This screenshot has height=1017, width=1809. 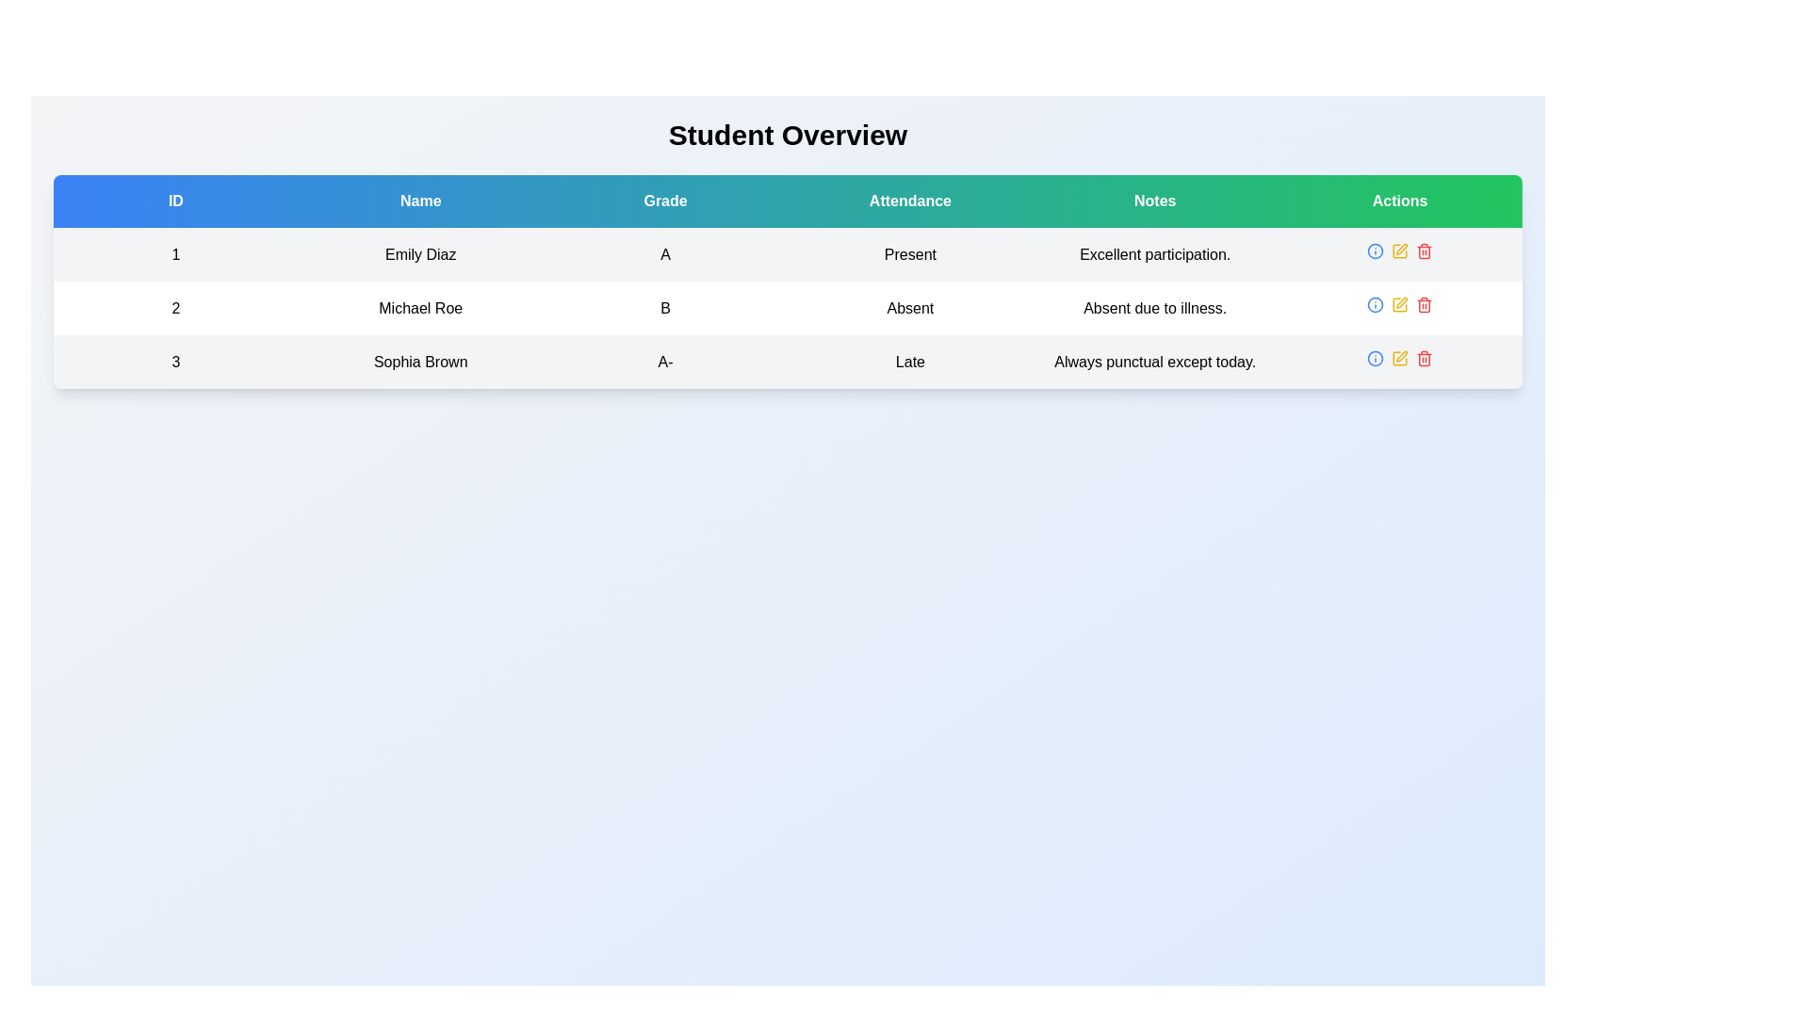 I want to click on the yellow icon button with a pen symbol located in the 'Actions' column for 'Emily Diaz', so click(x=1400, y=250).